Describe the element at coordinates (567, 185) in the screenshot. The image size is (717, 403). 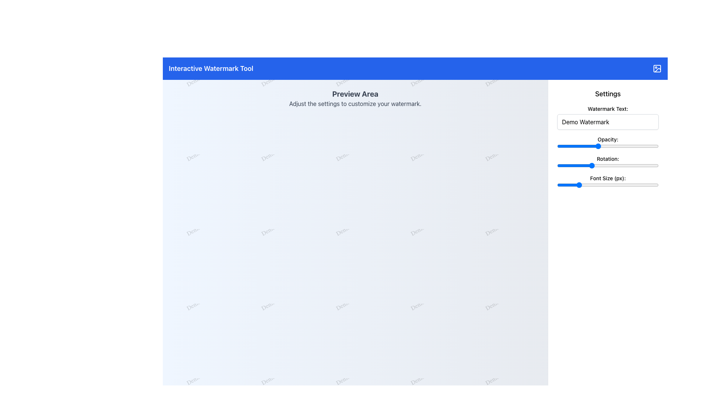
I see `font size` at that location.